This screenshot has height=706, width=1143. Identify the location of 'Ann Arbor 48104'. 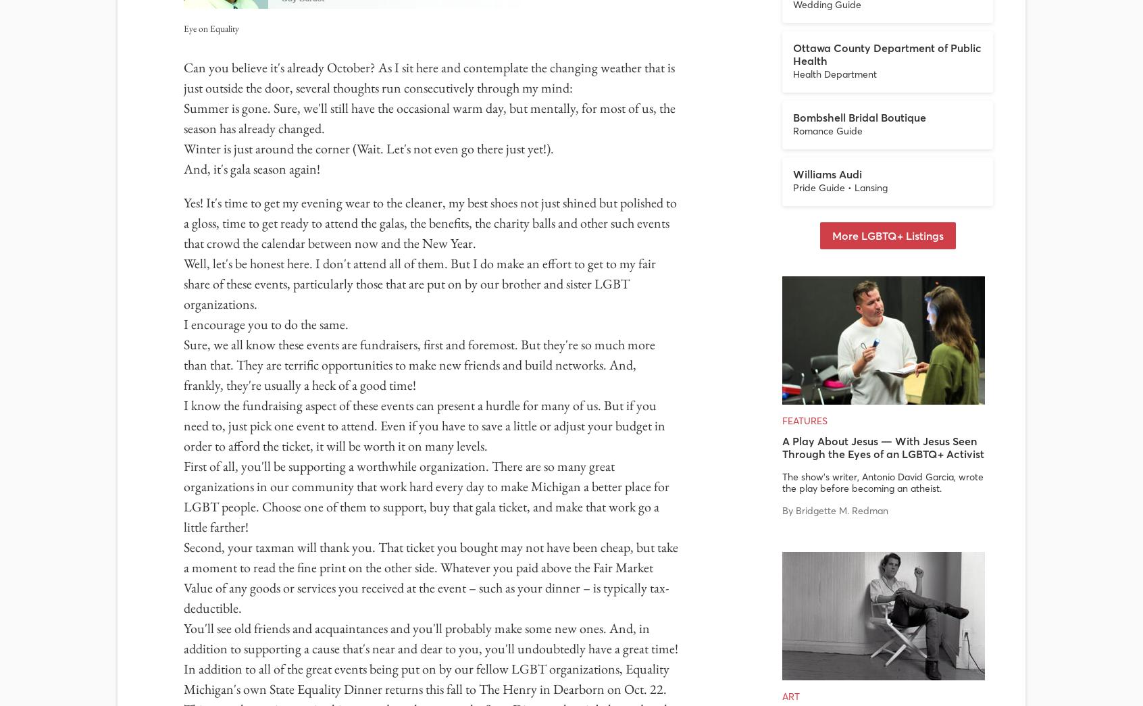
(190, 536).